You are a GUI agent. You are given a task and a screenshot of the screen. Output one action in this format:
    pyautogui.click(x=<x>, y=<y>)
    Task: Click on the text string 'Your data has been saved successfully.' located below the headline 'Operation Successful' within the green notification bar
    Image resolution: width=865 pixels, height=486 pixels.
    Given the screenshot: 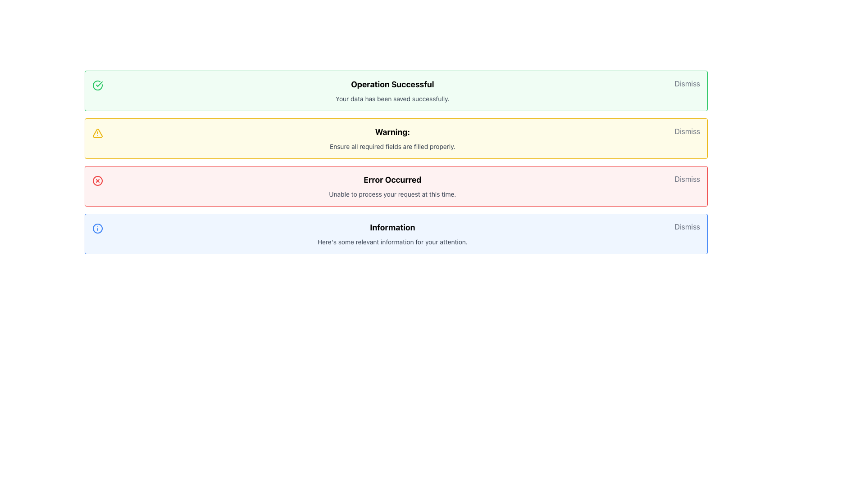 What is the action you would take?
    pyautogui.click(x=392, y=99)
    